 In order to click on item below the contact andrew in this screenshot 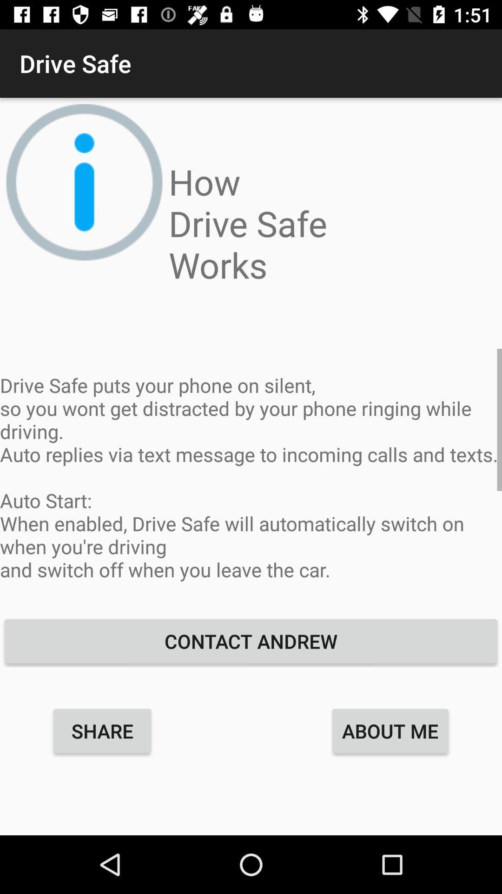, I will do `click(102, 730)`.